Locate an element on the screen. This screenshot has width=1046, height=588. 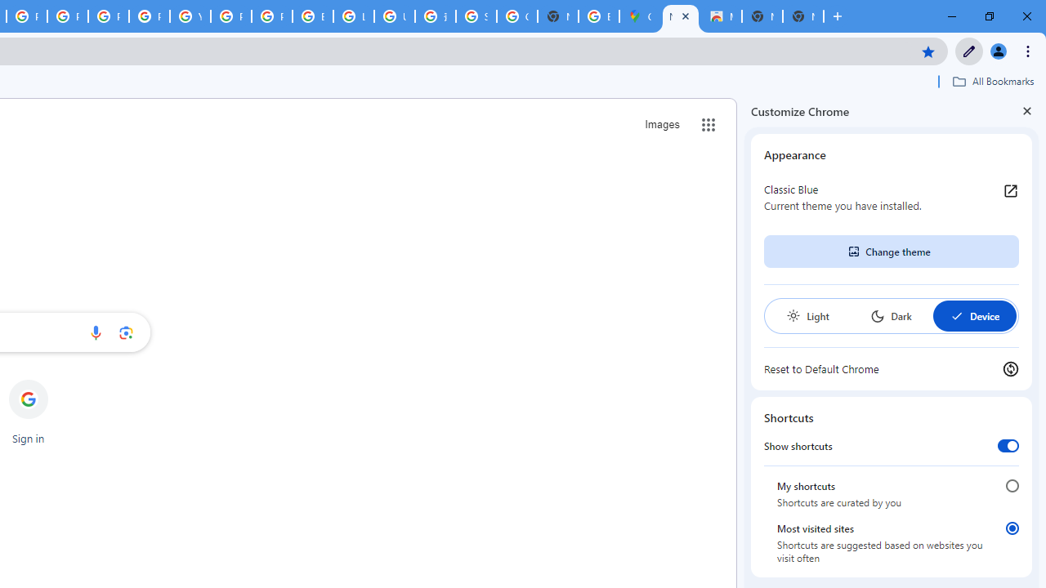
'Search by image' is located at coordinates (125, 332).